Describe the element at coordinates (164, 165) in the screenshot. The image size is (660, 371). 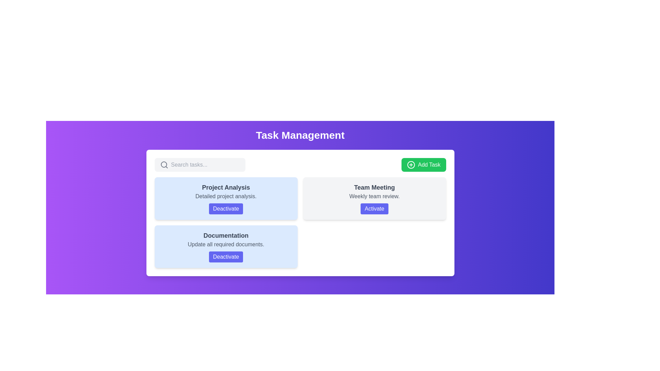
I see `the gray search icon styled as a magnifying glass located in the left part of the search bar, adjacent to the search input field, below the 'Task Management' header` at that location.